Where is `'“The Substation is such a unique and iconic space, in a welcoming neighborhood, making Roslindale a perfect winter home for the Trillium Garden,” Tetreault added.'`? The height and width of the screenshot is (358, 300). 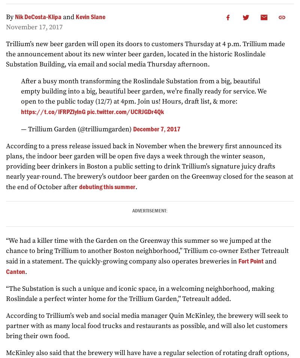
'“The Substation is such a unique and iconic space, in a welcoming neighborhood, making Roslindale a perfect winter home for the Trillium Garden,” Tetreault added.' is located at coordinates (139, 294).